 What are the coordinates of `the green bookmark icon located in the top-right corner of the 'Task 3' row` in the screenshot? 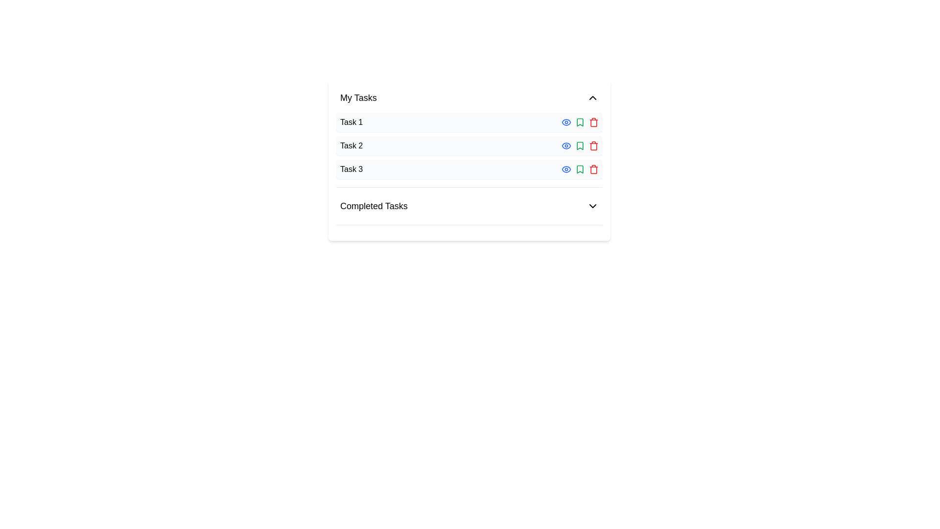 It's located at (580, 169).